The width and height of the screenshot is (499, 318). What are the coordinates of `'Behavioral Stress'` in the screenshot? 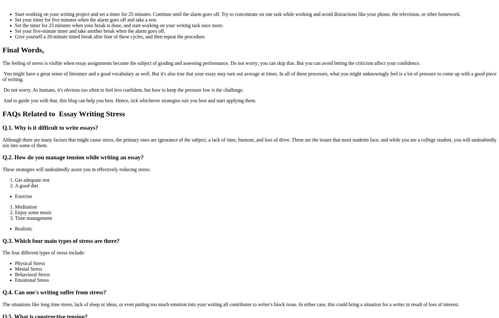 It's located at (32, 274).